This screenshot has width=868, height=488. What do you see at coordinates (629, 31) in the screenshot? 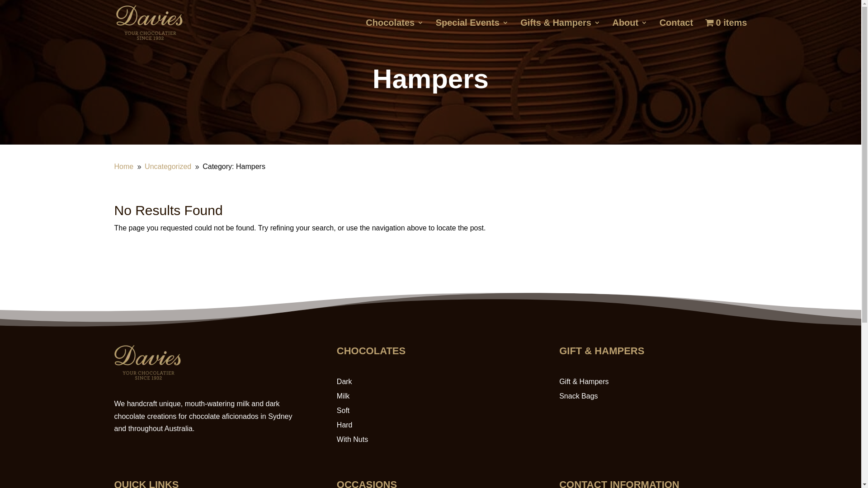
I see `'About'` at bounding box center [629, 31].